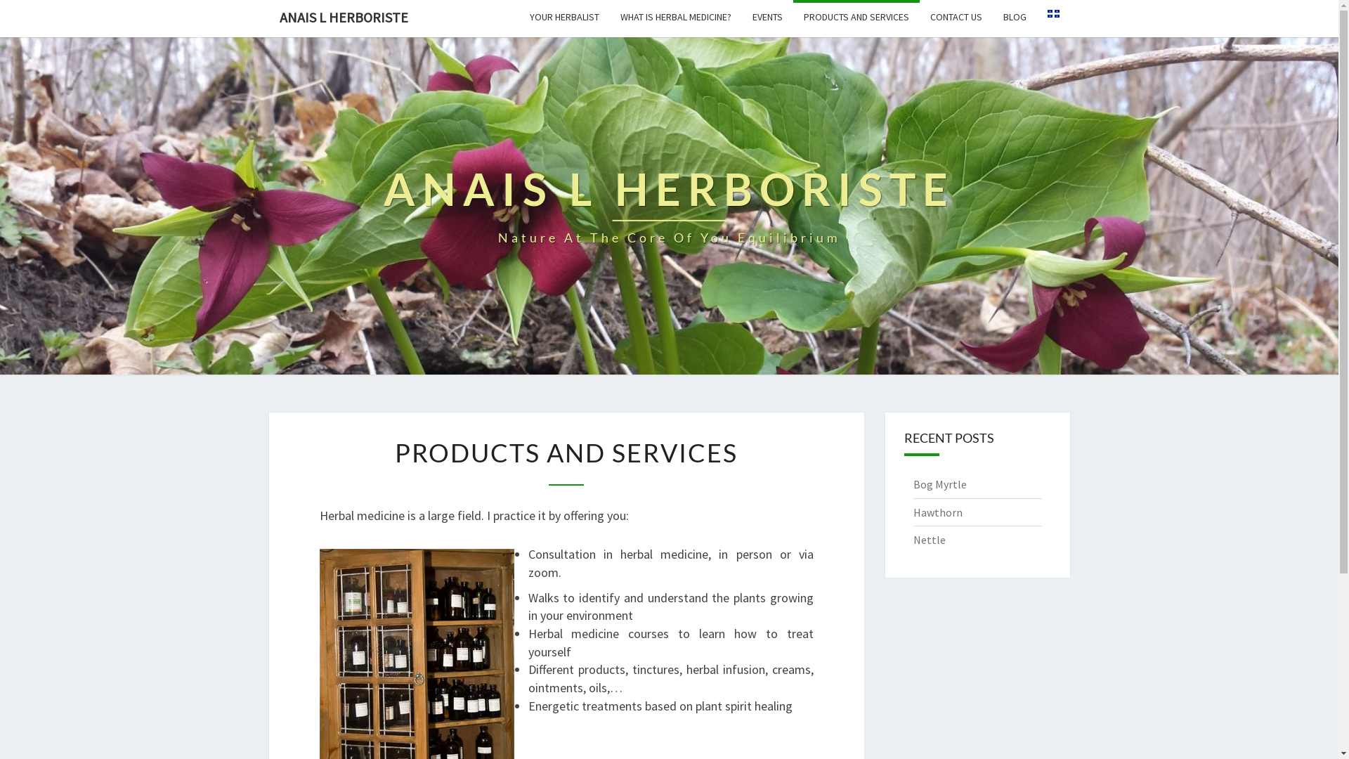  What do you see at coordinates (919, 16) in the screenshot?
I see `'CONTACT US'` at bounding box center [919, 16].